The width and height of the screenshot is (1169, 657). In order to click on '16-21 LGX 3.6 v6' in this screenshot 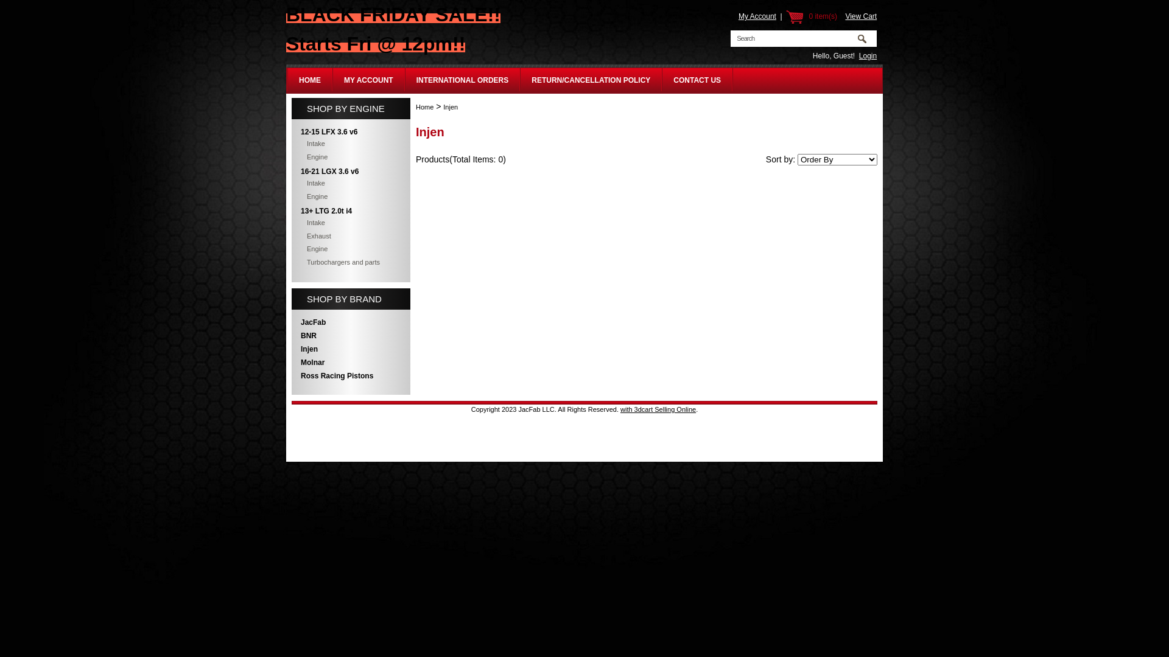, I will do `click(350, 171)`.